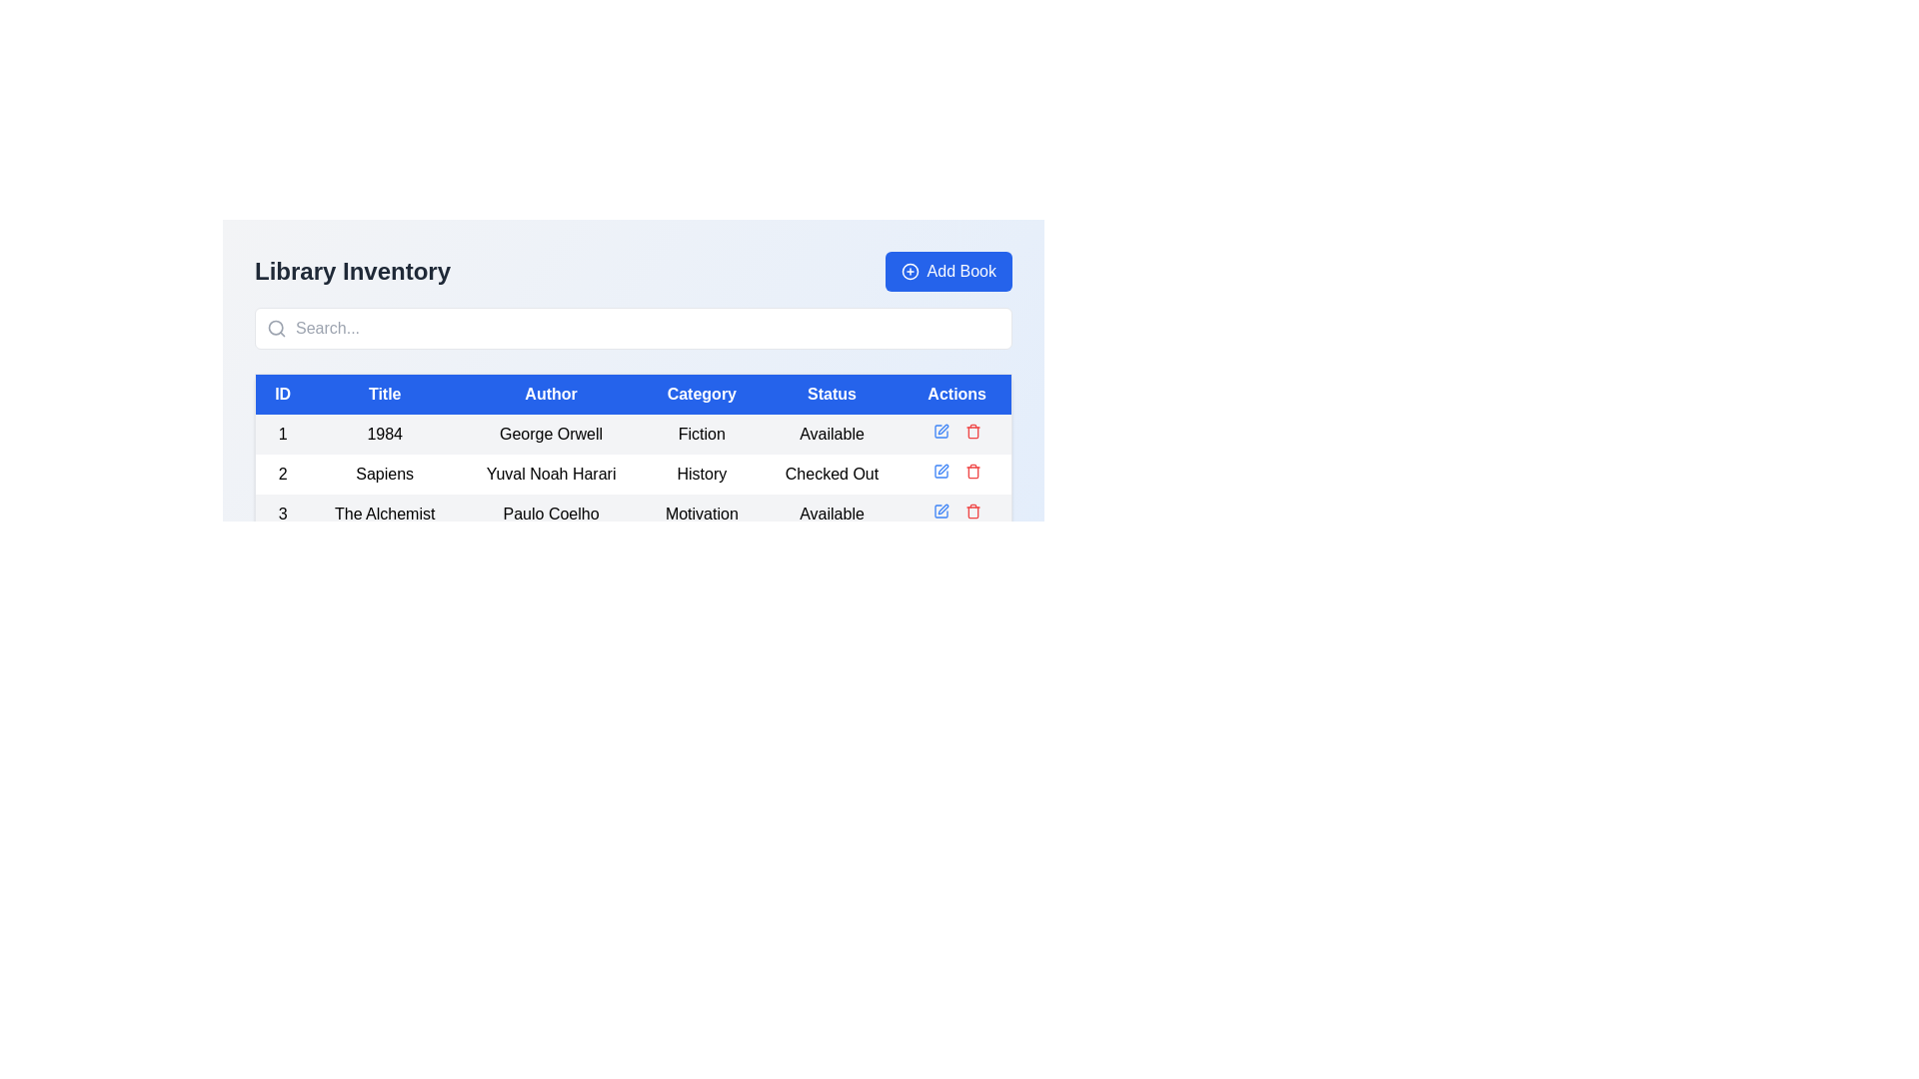  What do you see at coordinates (972, 471) in the screenshot?
I see `the delete icon located in the 'Actions' column of the second row in the content table to initiate the delete action` at bounding box center [972, 471].